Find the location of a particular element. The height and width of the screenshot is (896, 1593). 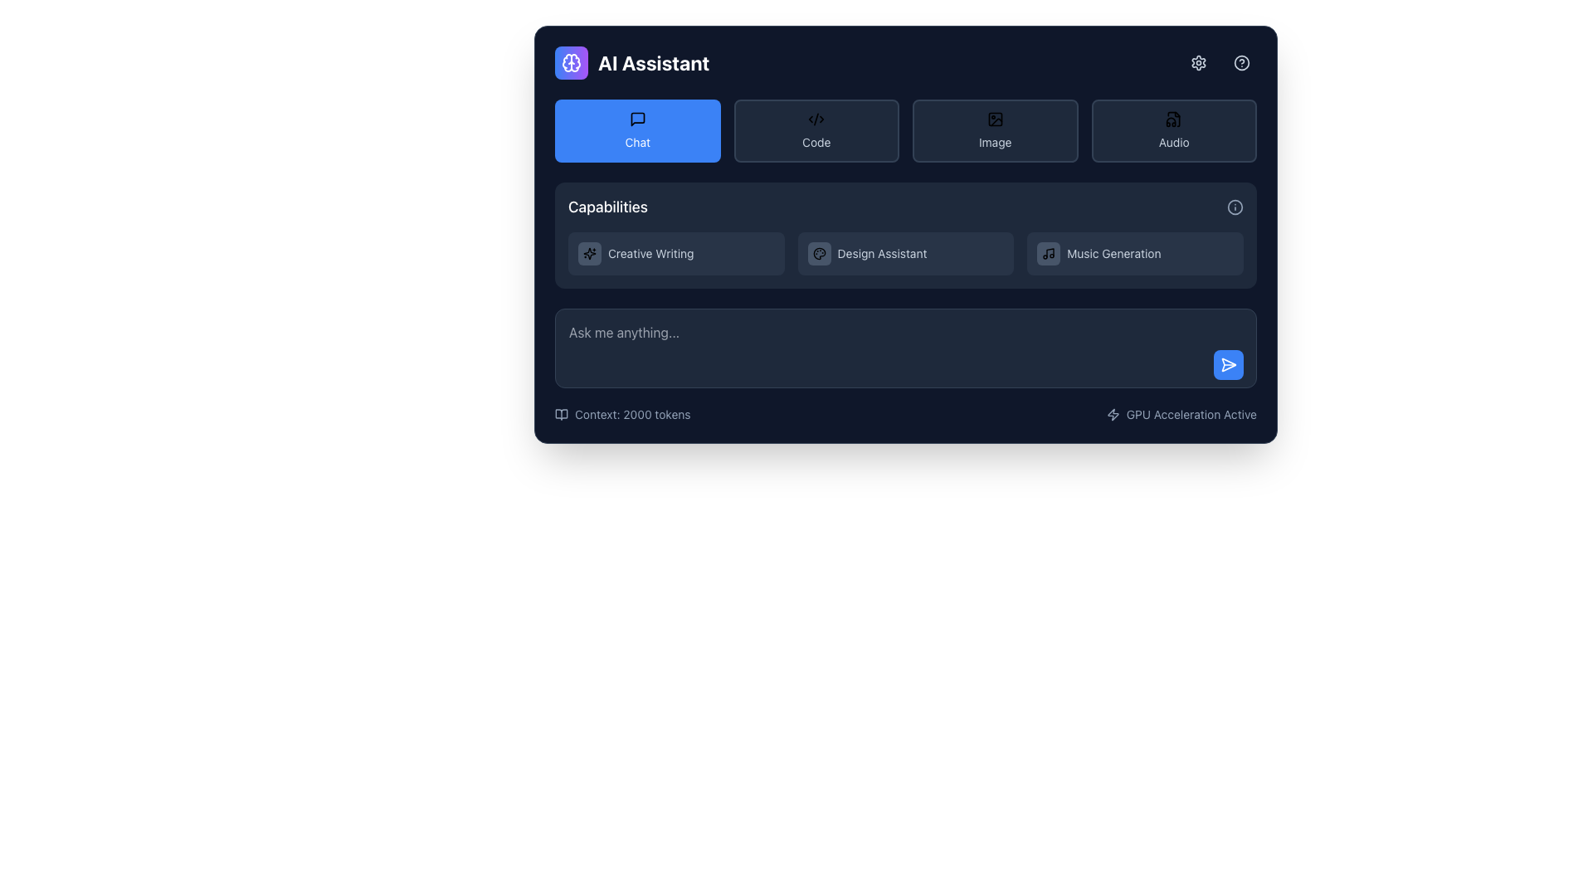

the 'Music Generation' icon located in the 'Capabilities' section, which is the first element in the row of buttons is located at coordinates (1048, 253).